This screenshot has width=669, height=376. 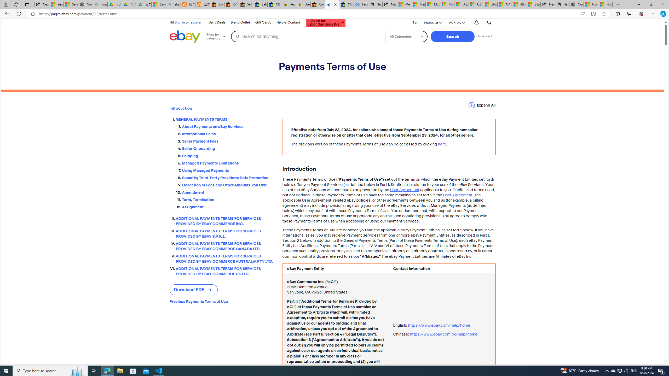 I want to click on 'Seller Onboarding', so click(x=228, y=147).